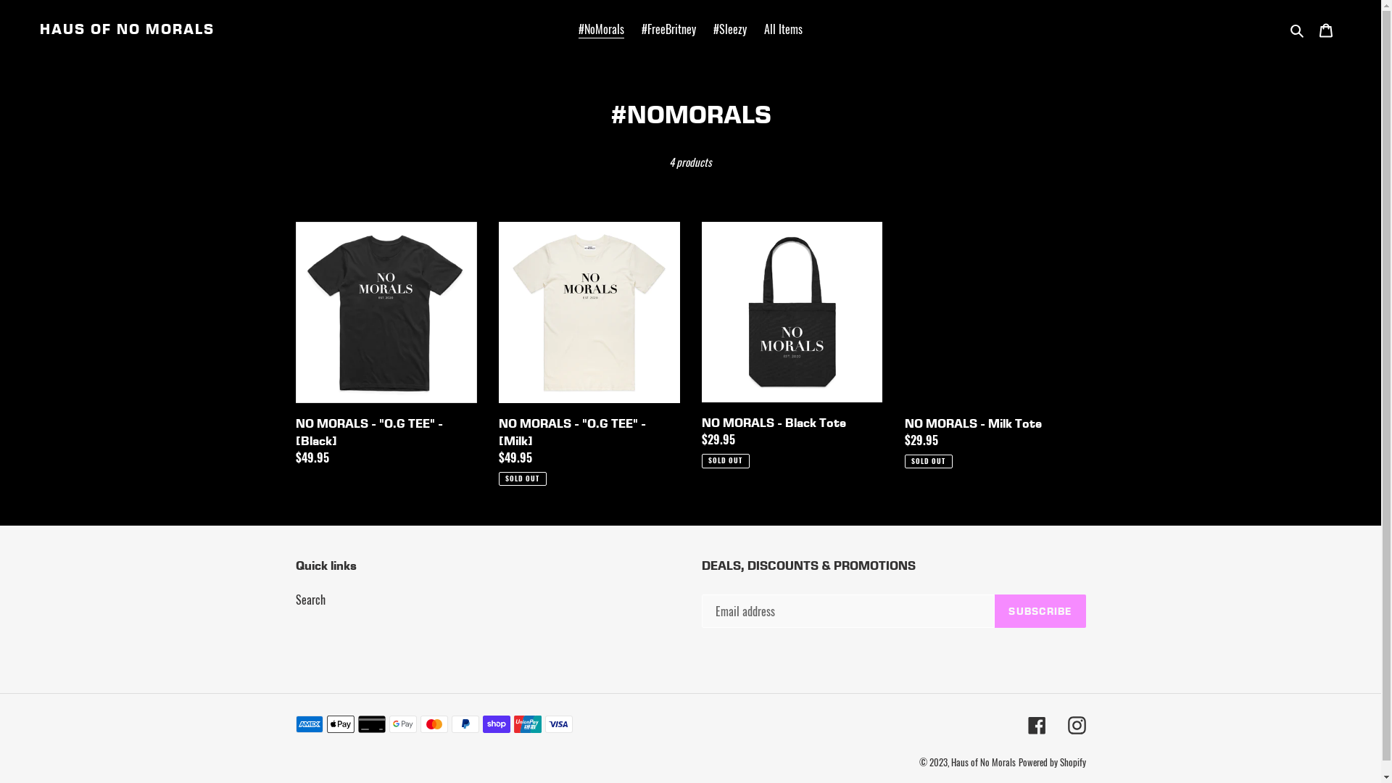 The width and height of the screenshot is (1392, 783). What do you see at coordinates (983, 761) in the screenshot?
I see `'Haus of No Morals'` at bounding box center [983, 761].